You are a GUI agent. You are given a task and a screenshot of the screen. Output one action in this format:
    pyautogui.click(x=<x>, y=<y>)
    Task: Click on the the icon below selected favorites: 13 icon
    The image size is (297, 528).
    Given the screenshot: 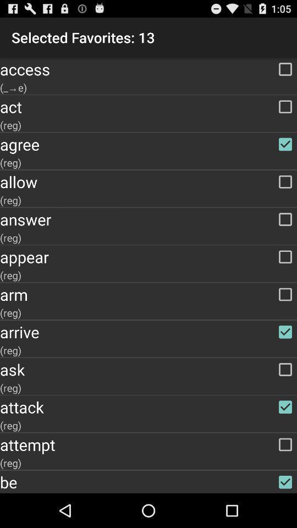 What is the action you would take?
    pyautogui.click(x=148, y=69)
    